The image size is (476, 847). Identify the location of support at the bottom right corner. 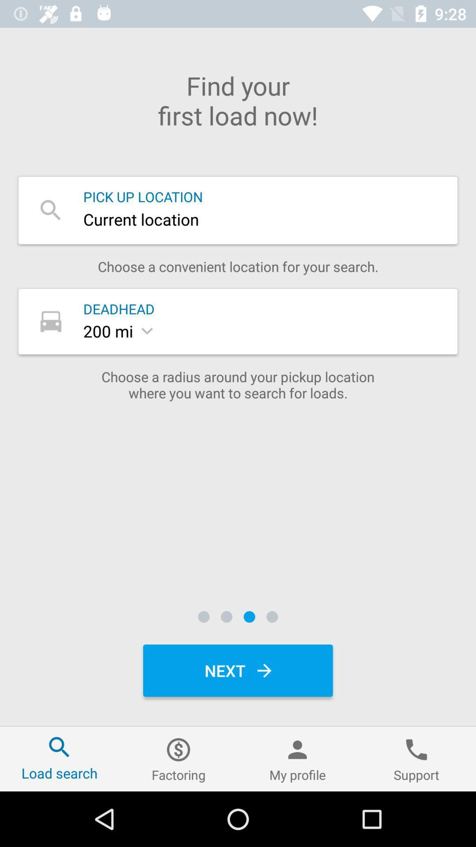
(416, 758).